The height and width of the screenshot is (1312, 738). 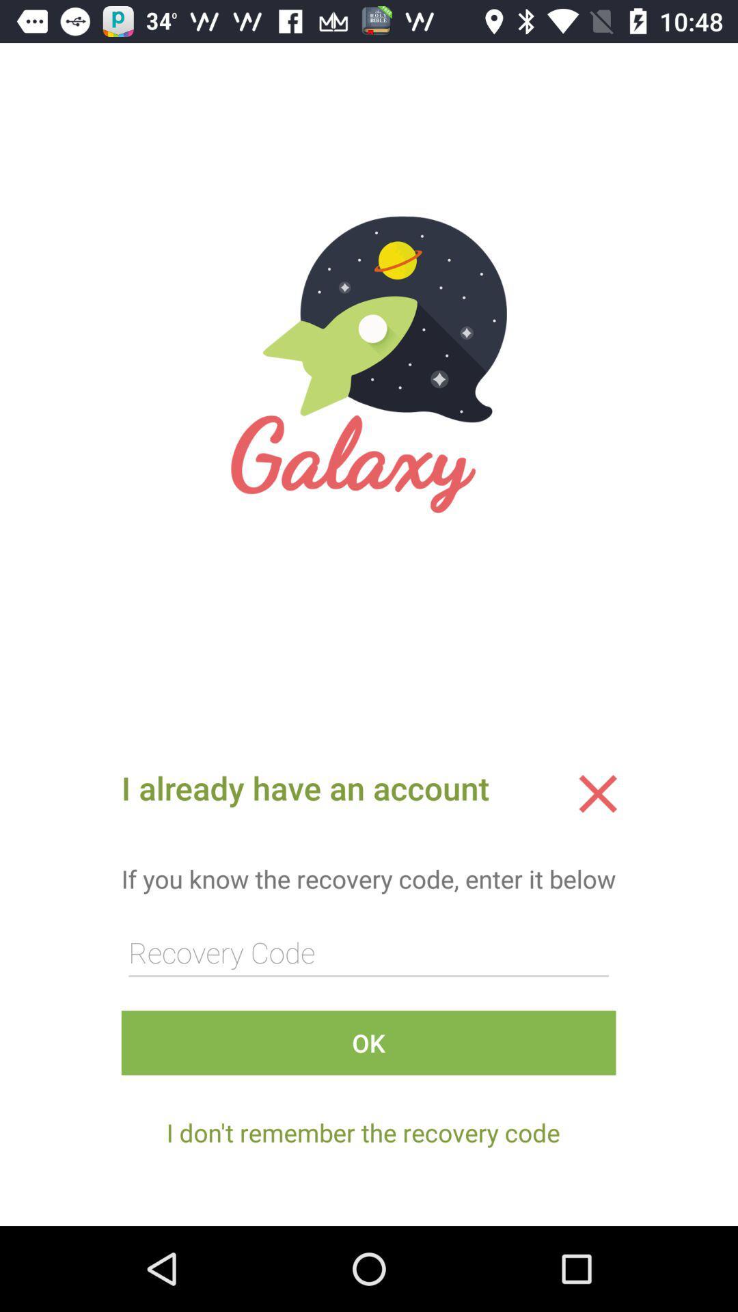 What do you see at coordinates (597, 793) in the screenshot?
I see `the close icon` at bounding box center [597, 793].